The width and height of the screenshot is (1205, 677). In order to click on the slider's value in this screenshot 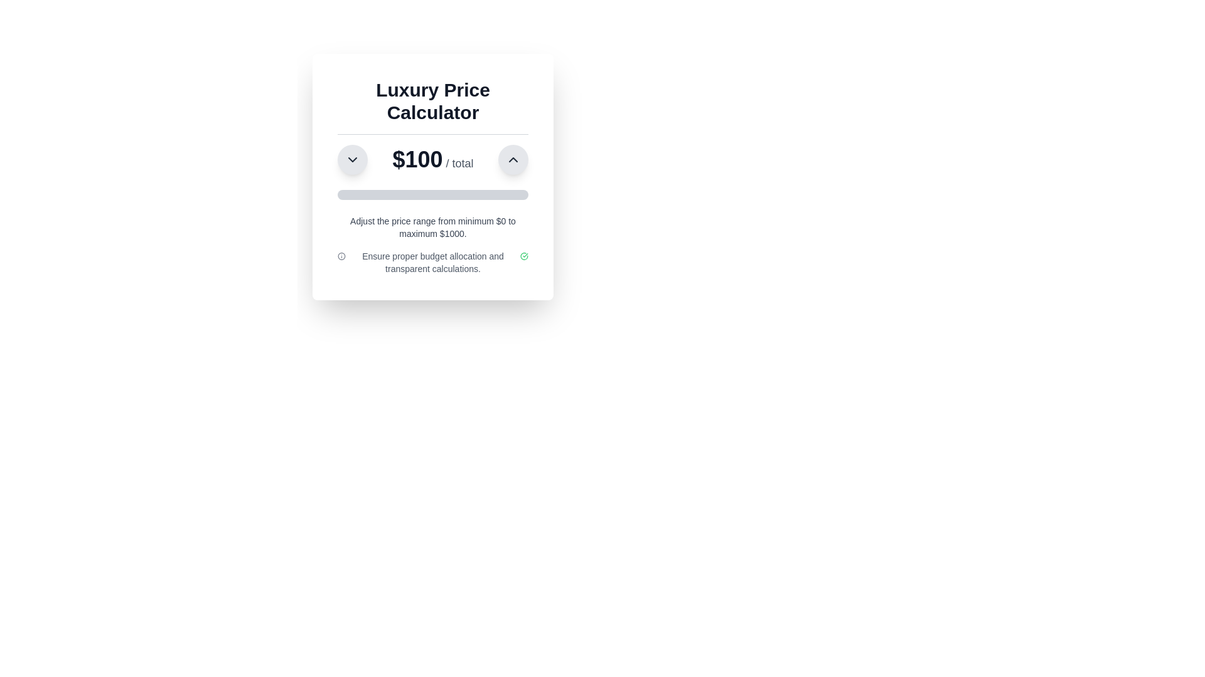, I will do `click(351, 195)`.